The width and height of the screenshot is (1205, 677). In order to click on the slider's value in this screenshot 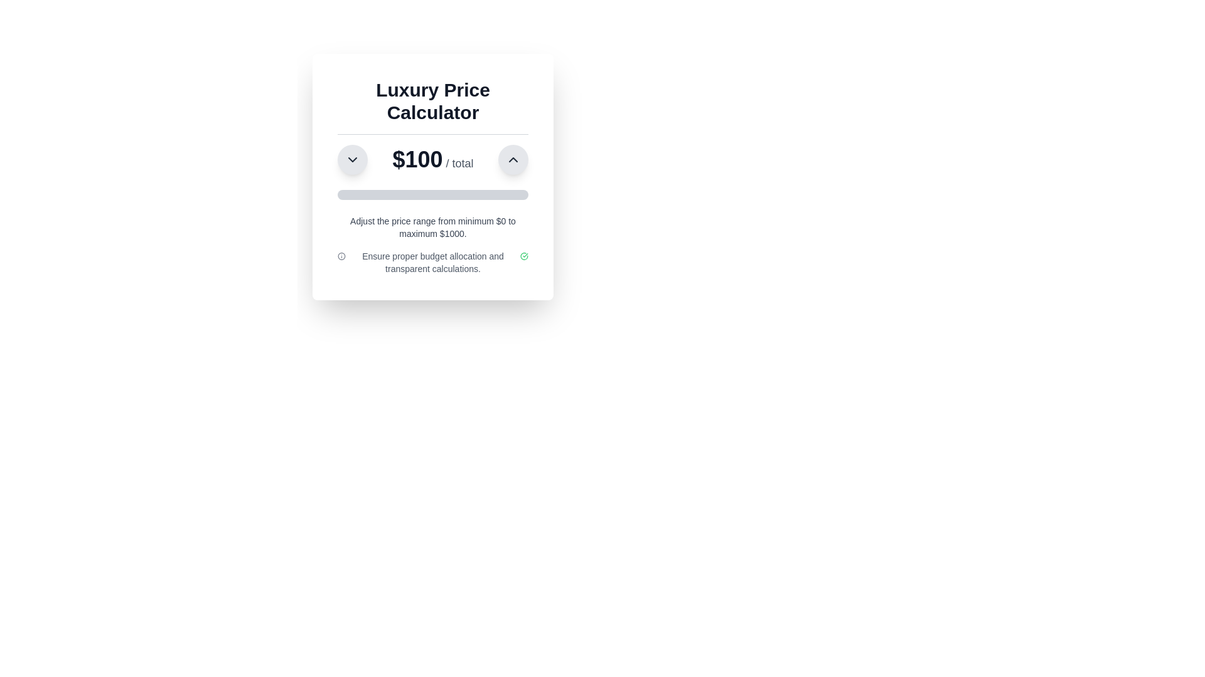, I will do `click(351, 195)`.